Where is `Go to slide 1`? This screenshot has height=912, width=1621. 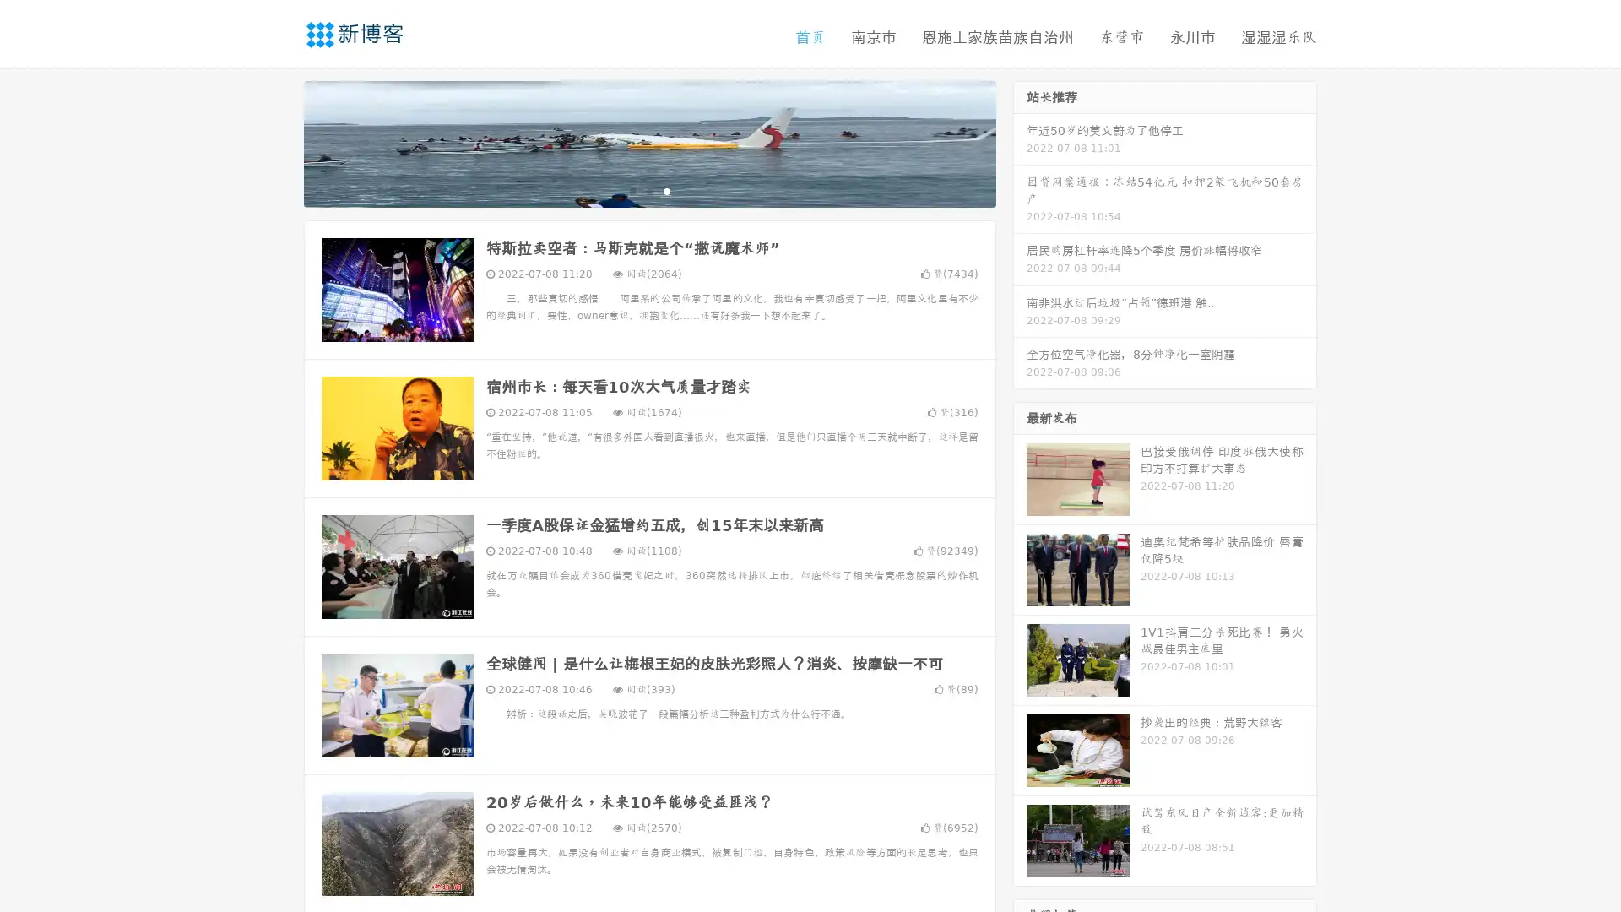
Go to slide 1 is located at coordinates (632, 190).